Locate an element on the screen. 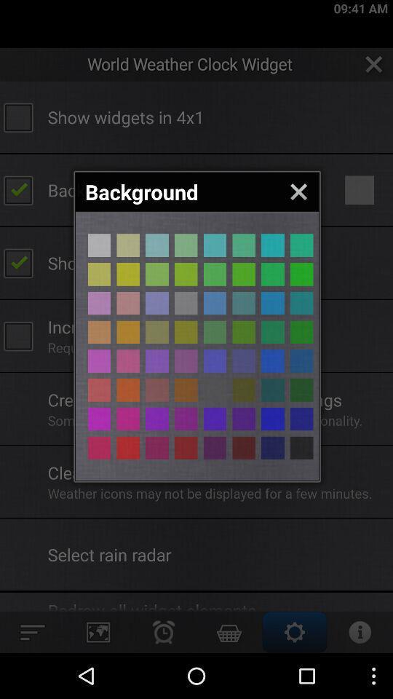 The width and height of the screenshot is (393, 699). color is located at coordinates (272, 273).